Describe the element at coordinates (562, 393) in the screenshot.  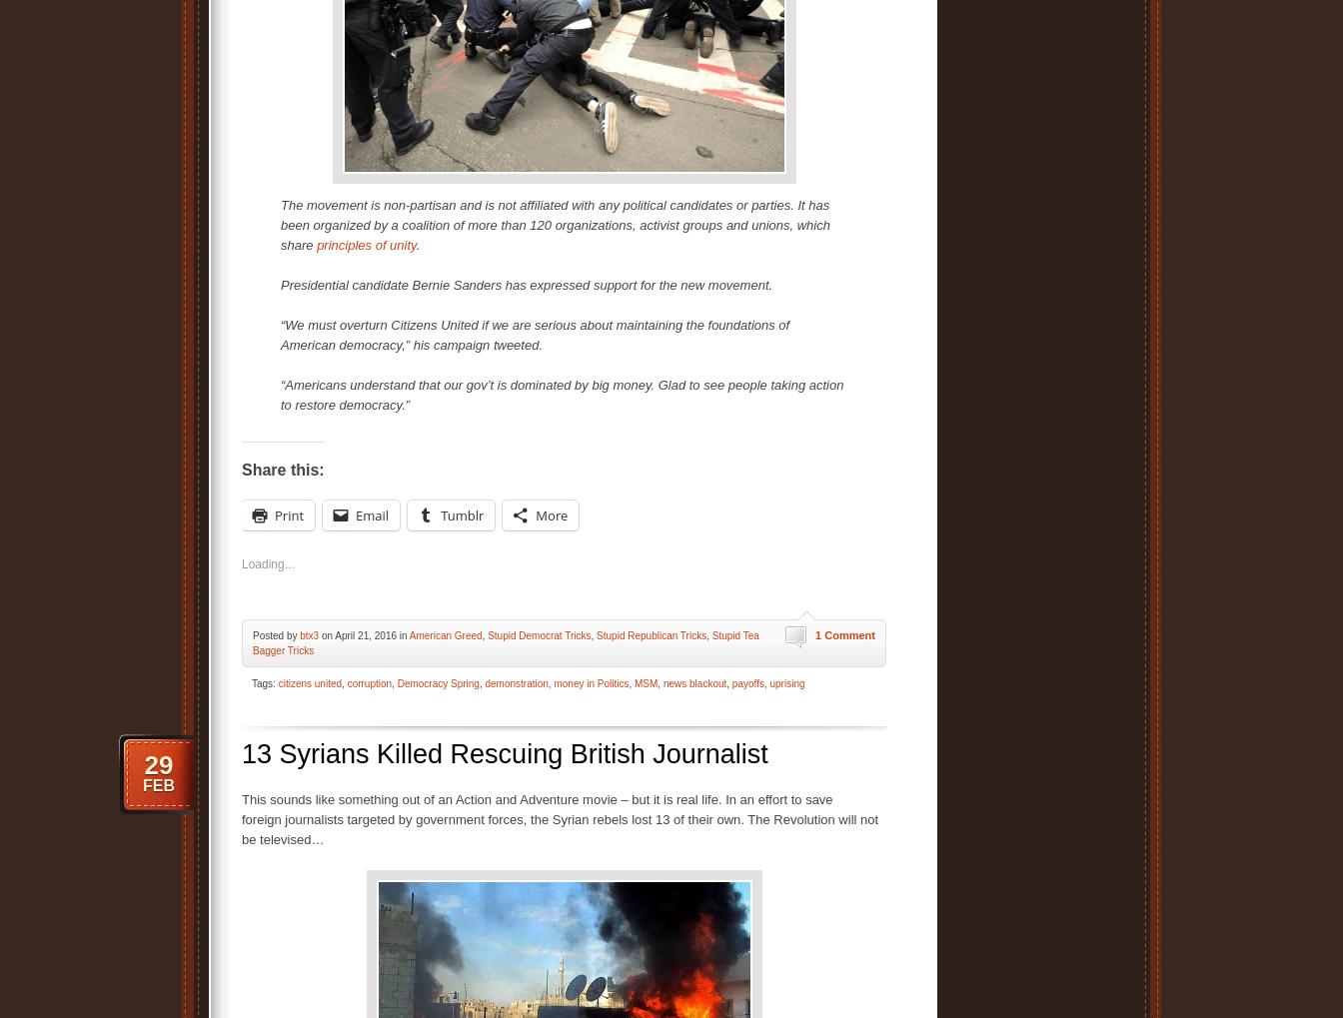
I see `'“Americans understand that our gov’t is dominated by big money. Glad to see people taking action to restore democracy.”'` at that location.